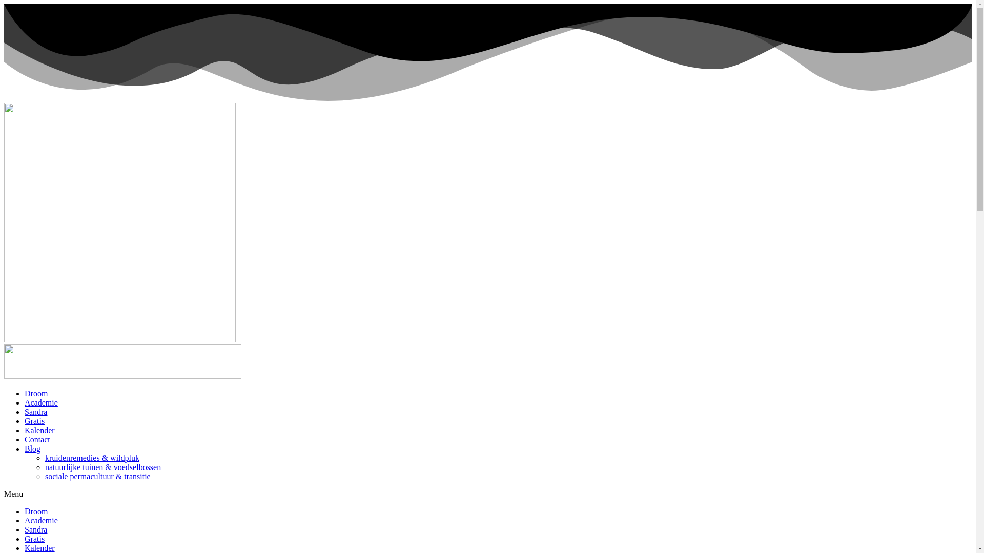 The height and width of the screenshot is (553, 984). Describe the element at coordinates (103, 467) in the screenshot. I see `'natuurlijke tuinen & voedselbossen'` at that location.